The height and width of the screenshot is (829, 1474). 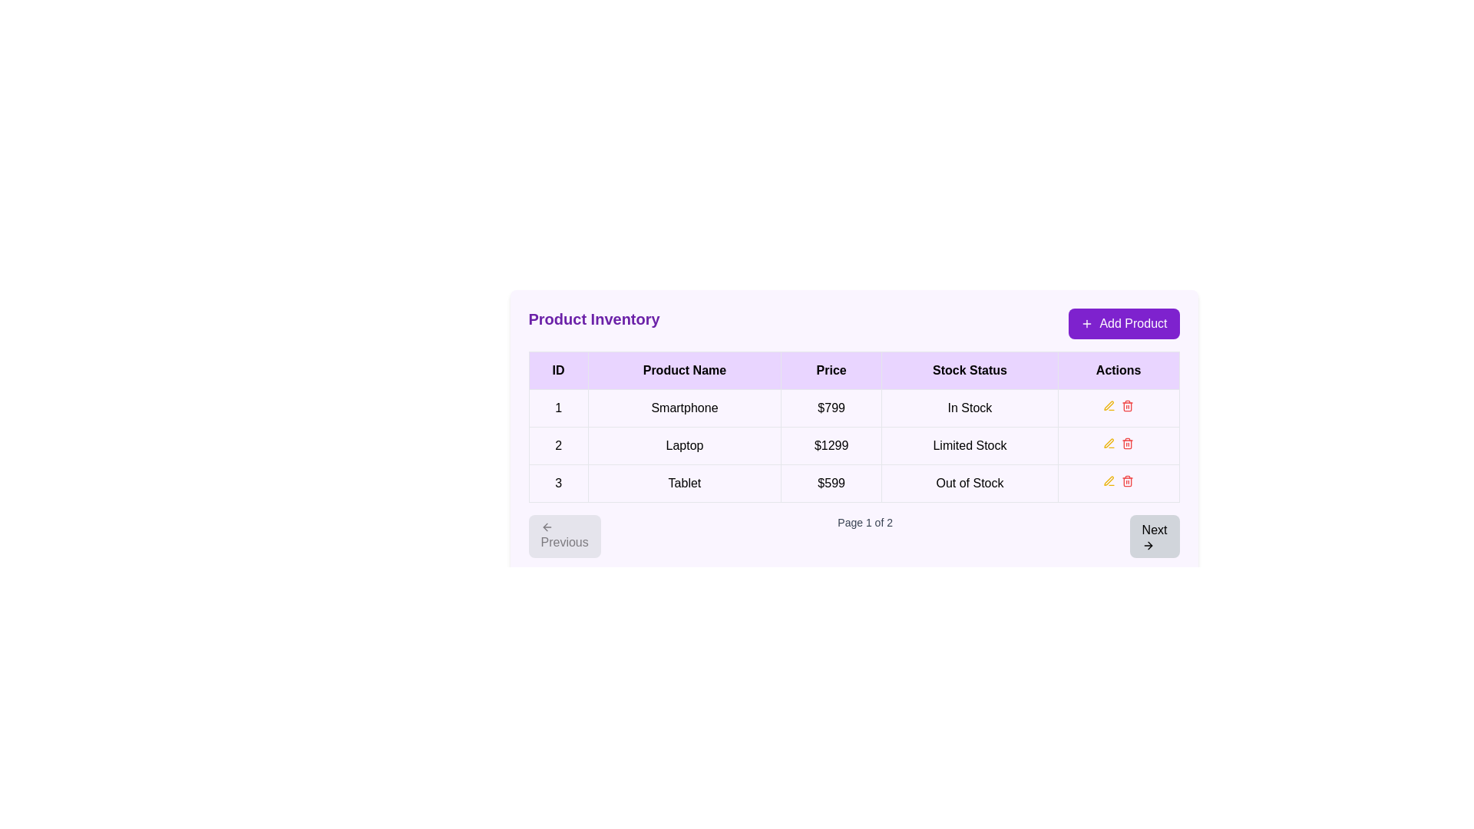 I want to click on the static text label displaying the price '$599' in bold black text within the pricing column of the product inventory table, located in the third row under the 'Price' column, so click(x=831, y=482).